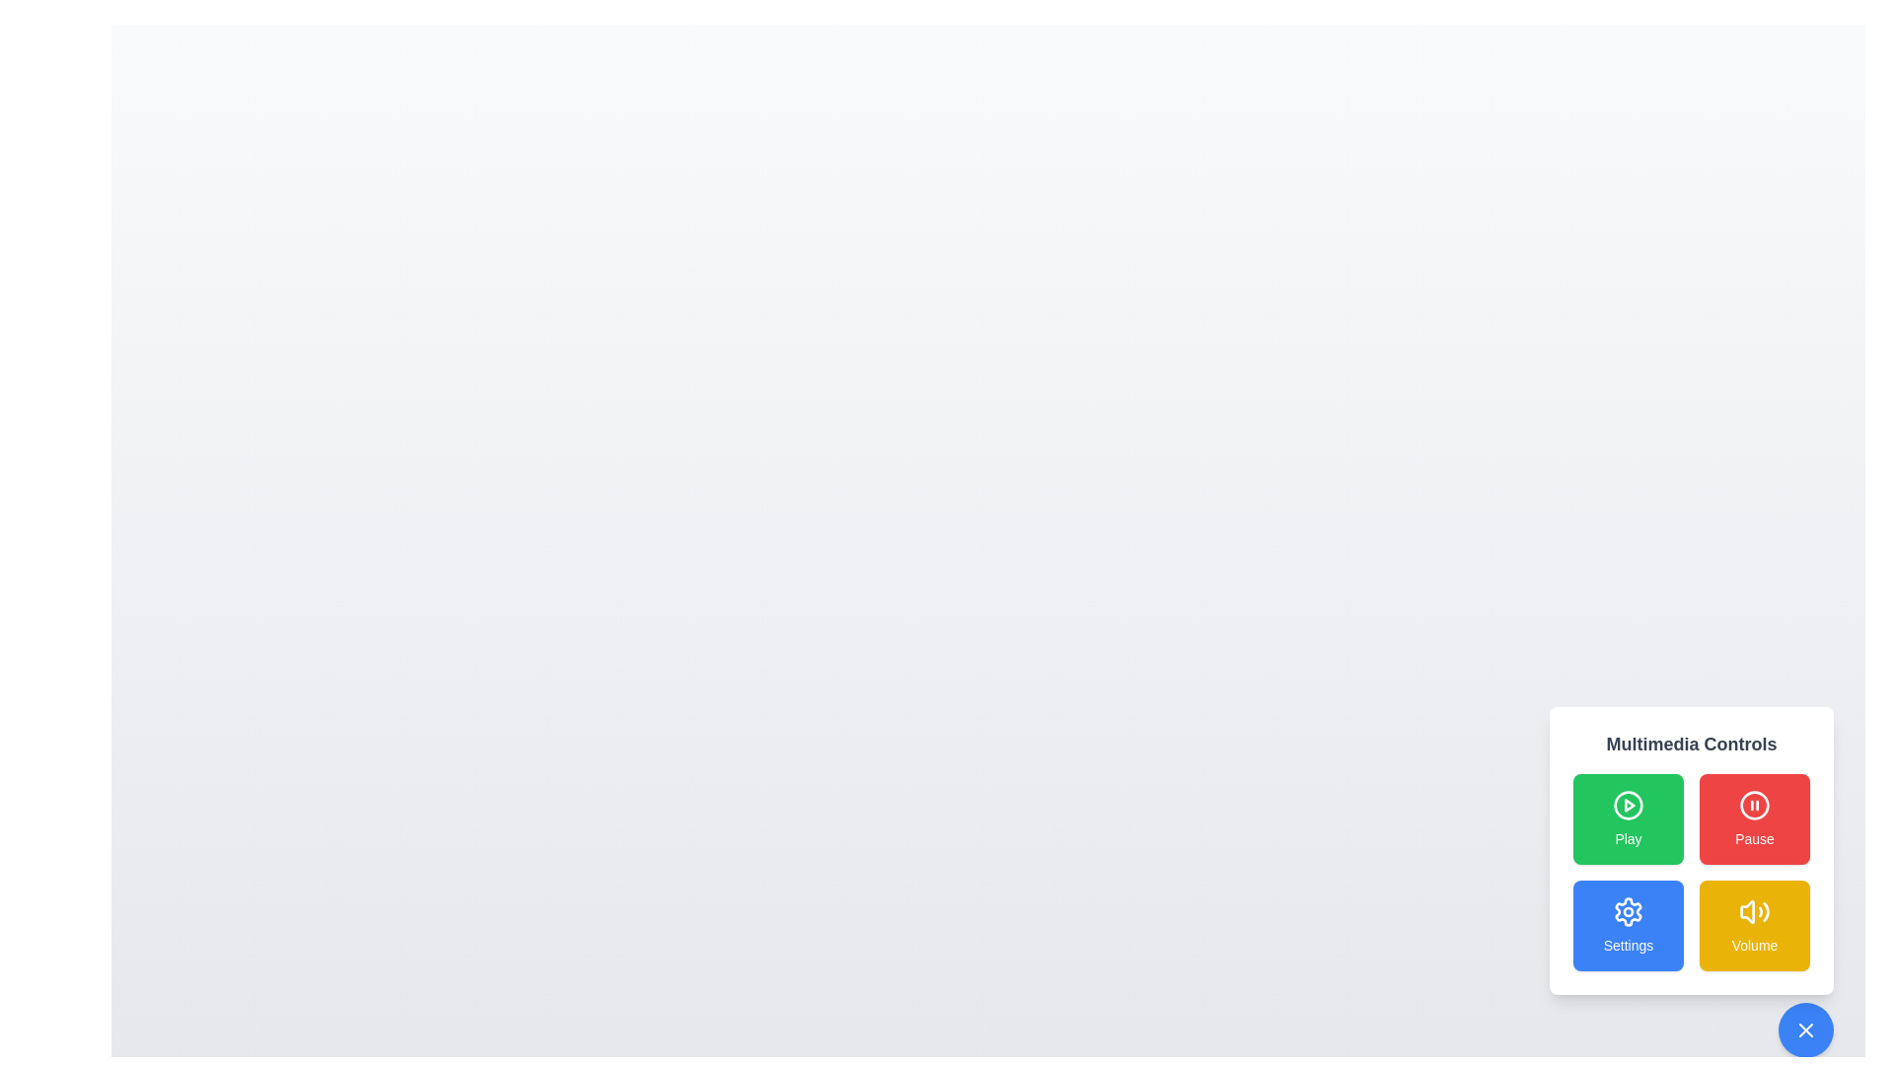 The height and width of the screenshot is (1065, 1894). Describe the element at coordinates (1755, 925) in the screenshot. I see `the yellow rectangular button labeled 'Volume' with a speaker icon` at that location.